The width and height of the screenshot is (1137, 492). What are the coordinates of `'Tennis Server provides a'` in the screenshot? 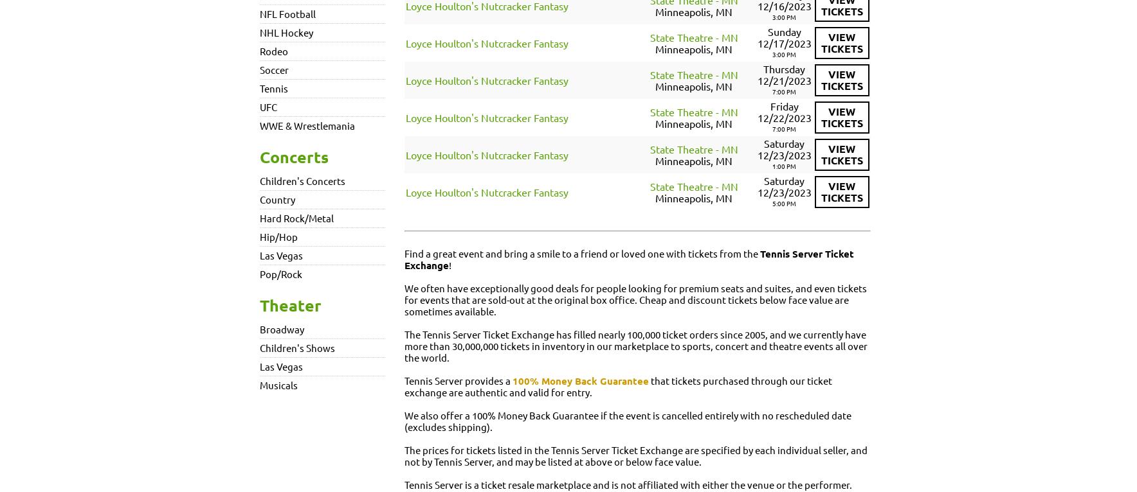 It's located at (404, 380).